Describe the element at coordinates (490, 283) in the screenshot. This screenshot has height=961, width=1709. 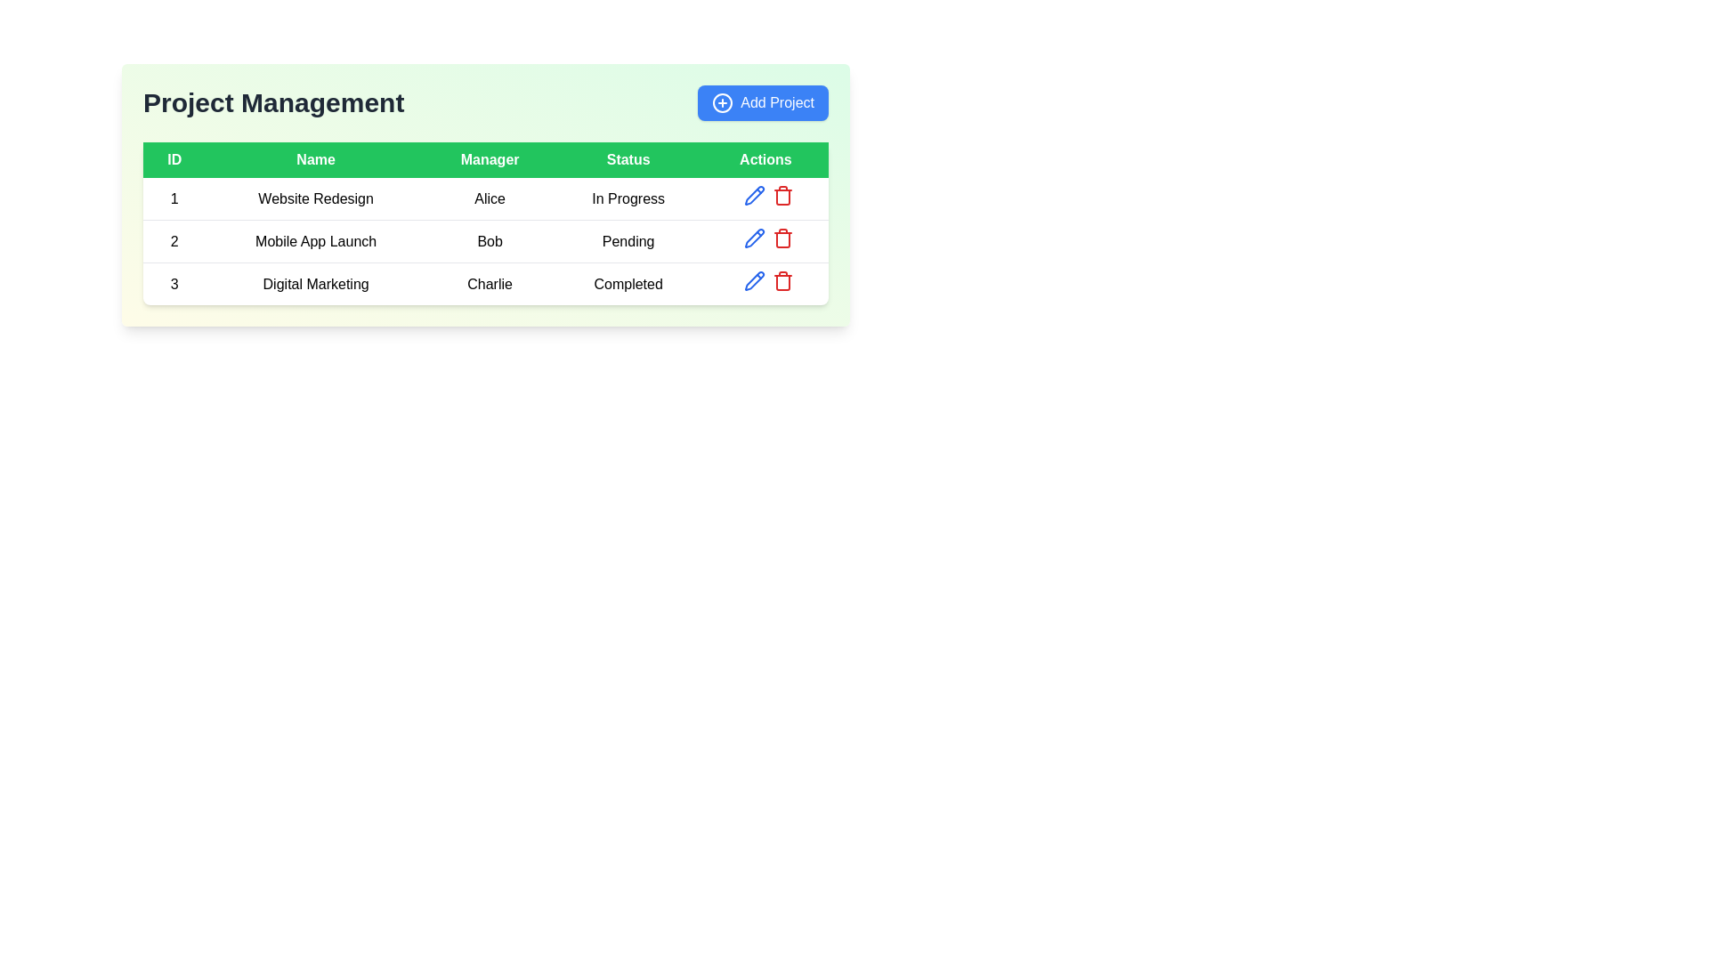
I see `the text element displaying 'Charlie' in black, which is centered in the third row and third column of the table under the 'Digital Marketing' row in the 'Project Management' section` at that location.